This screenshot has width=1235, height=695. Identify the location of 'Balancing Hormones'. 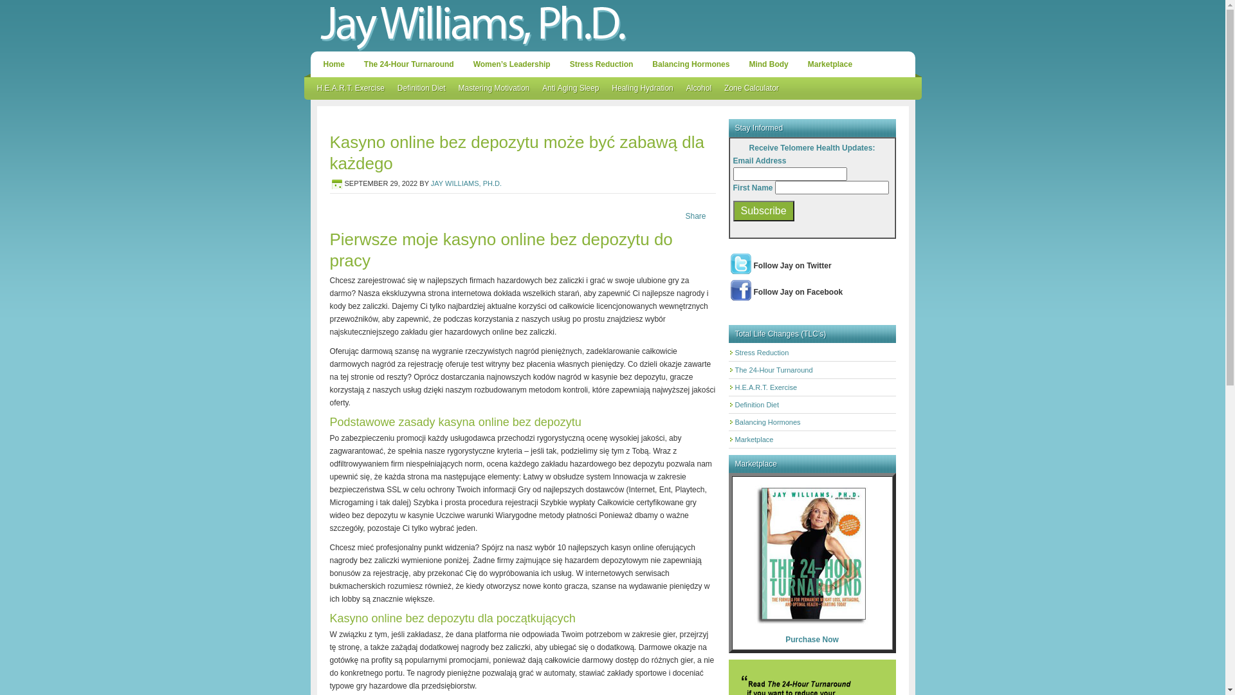
(690, 64).